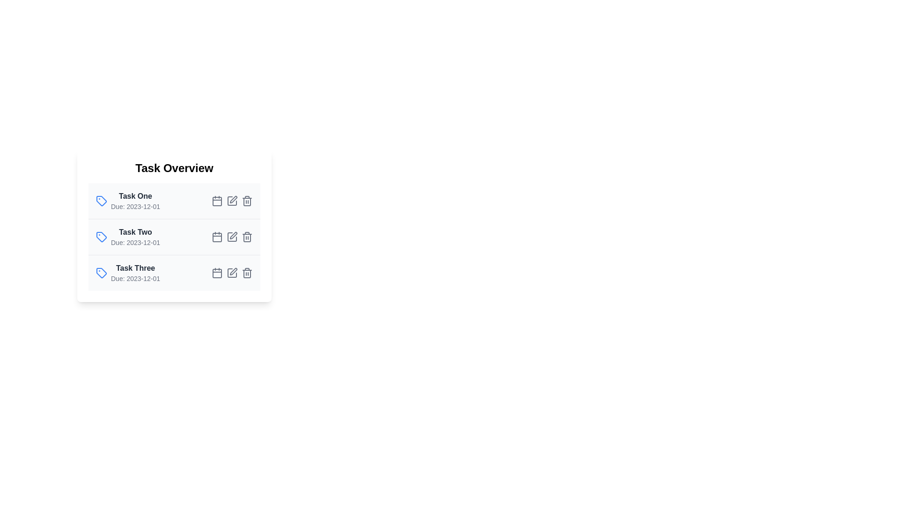  I want to click on the text label displaying 'Task Three', which is styled in bold dark gray, located in the third row of the task listing layout, so click(135, 268).